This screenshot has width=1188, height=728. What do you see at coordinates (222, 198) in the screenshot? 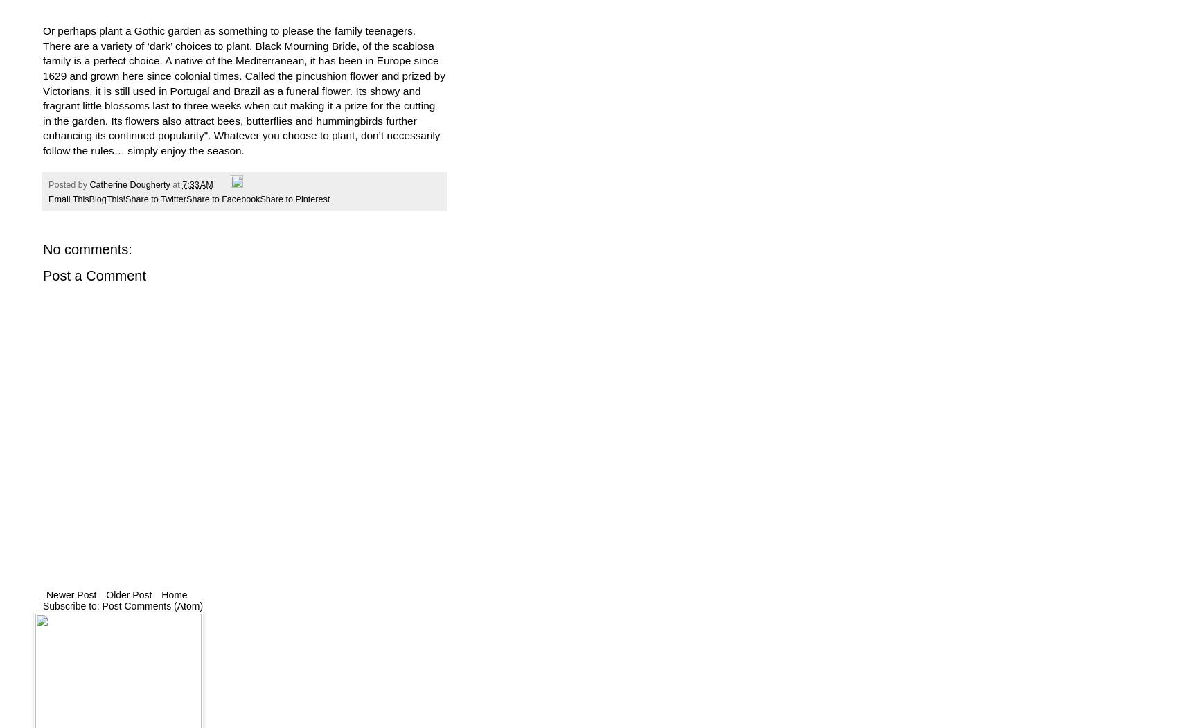
I see `'Share to Facebook'` at bounding box center [222, 198].